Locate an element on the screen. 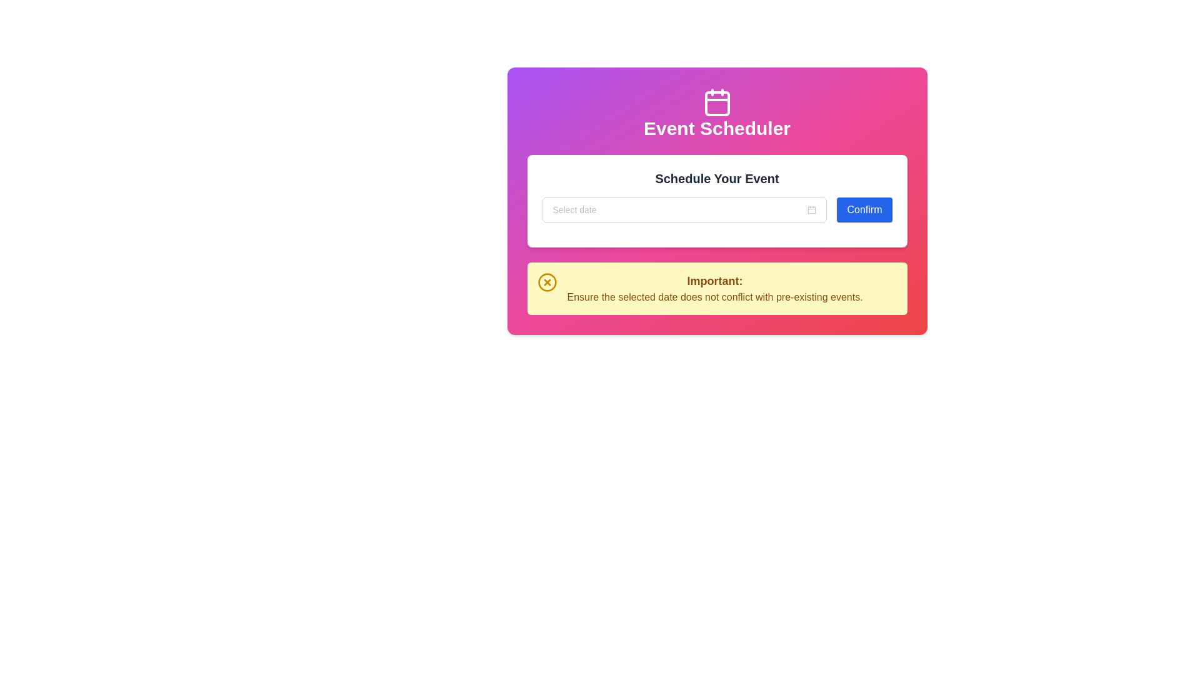 The height and width of the screenshot is (675, 1200). the warning by clicking on the Informational Alert Box that contains the title 'Important' and a circular icon with a cross symbol, displayed on a bright yellow background is located at coordinates (717, 289).